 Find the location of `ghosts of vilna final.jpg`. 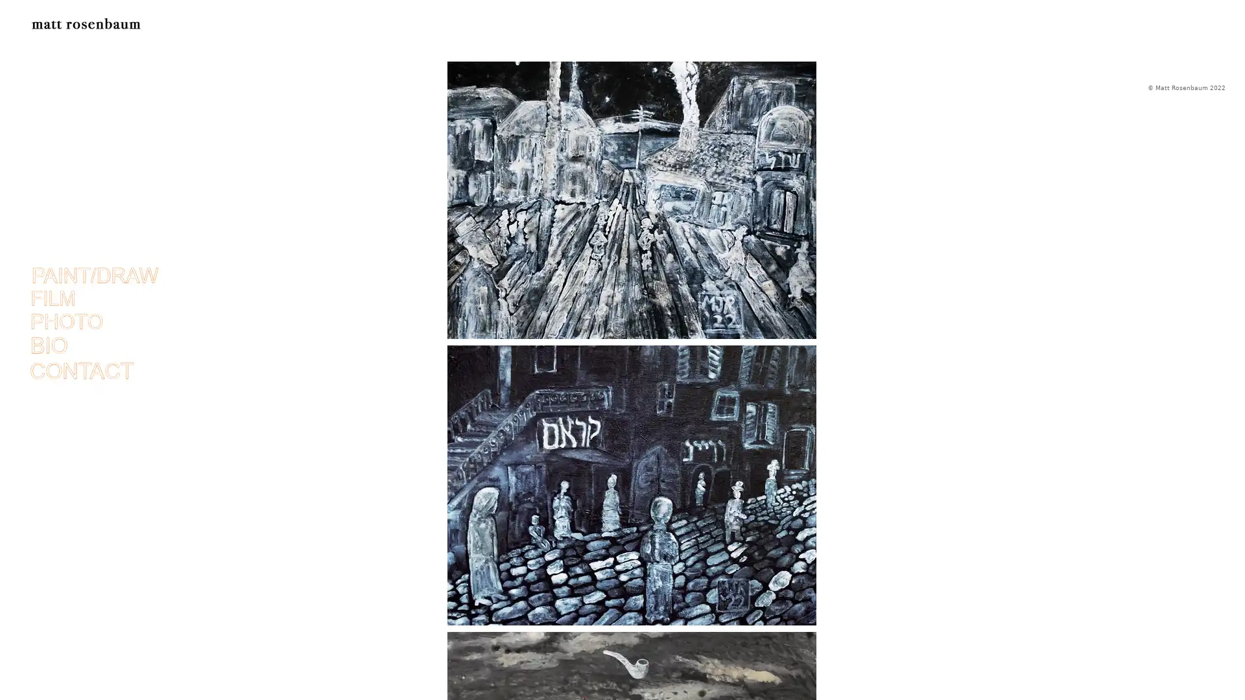

ghosts of vilna final.jpg is located at coordinates (632, 200).